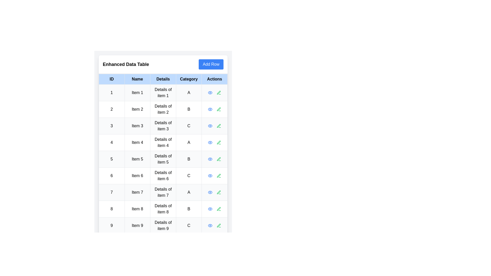 This screenshot has height=276, width=491. I want to click on the interactive area button in the Actions column of the second row associated with 'Item 2', so click(215, 109).